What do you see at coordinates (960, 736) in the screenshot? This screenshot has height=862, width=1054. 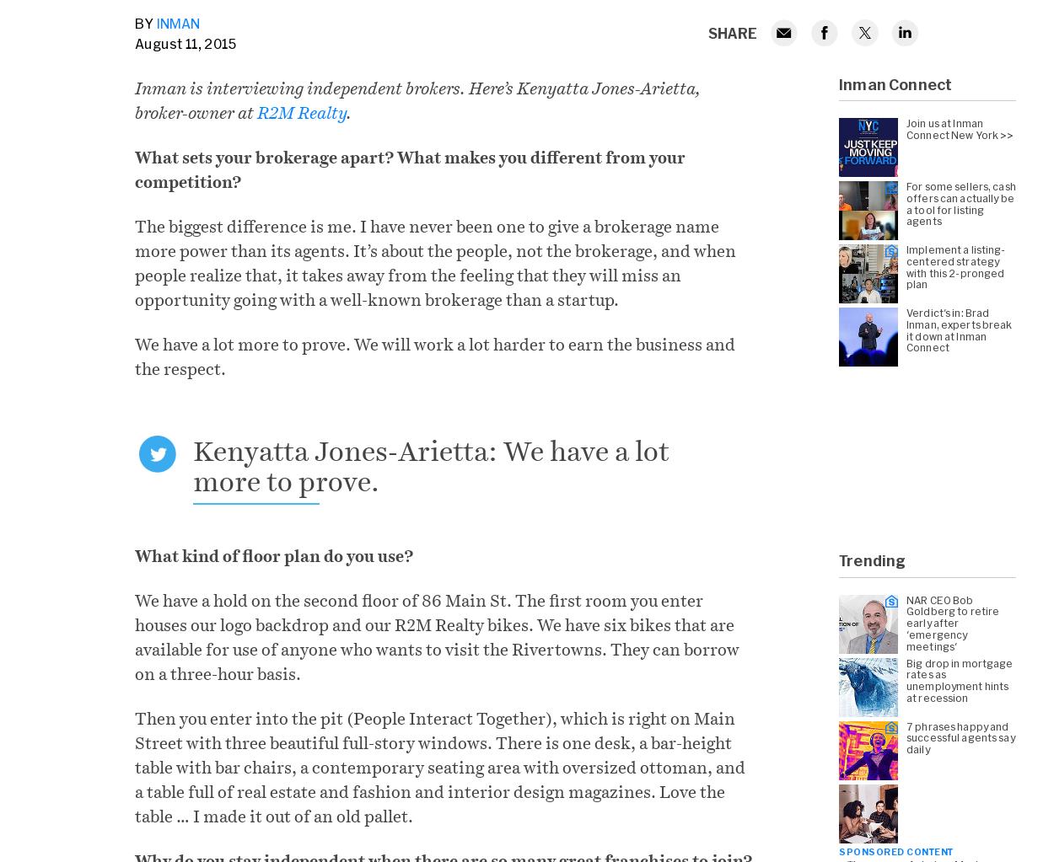 I see `'7 phrases happy and successful agents say daily'` at bounding box center [960, 736].